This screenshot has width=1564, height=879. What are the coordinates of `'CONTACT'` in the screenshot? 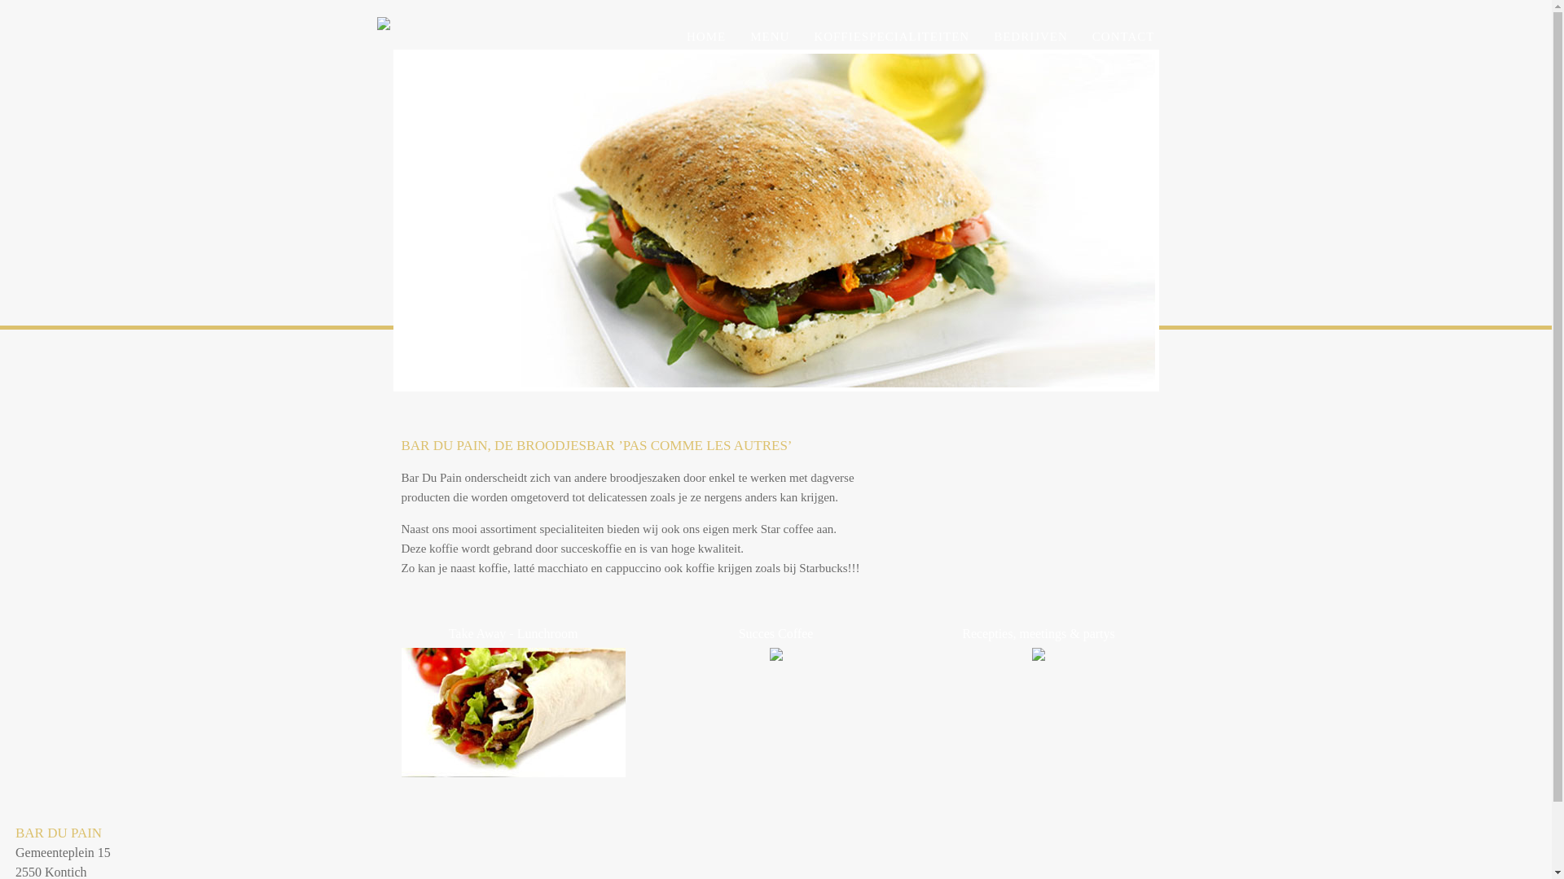 It's located at (1122, 37).